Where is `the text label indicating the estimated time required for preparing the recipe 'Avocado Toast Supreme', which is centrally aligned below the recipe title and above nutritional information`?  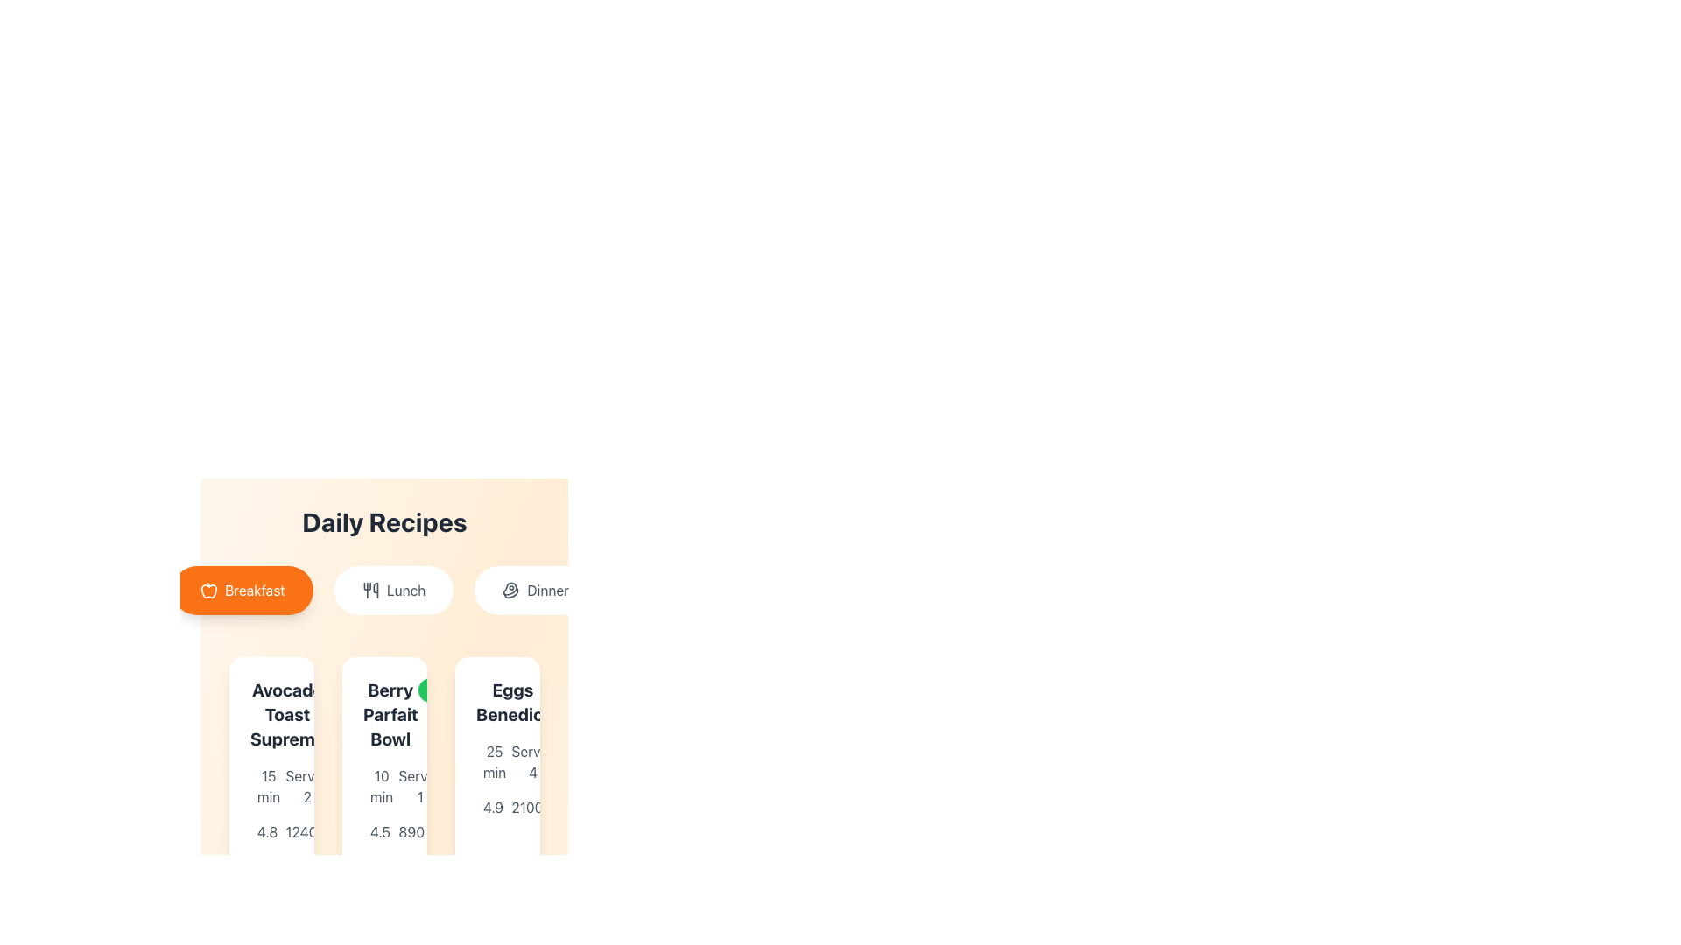 the text label indicating the estimated time required for preparing the recipe 'Avocado Toast Supreme', which is centrally aligned below the recipe title and above nutritional information is located at coordinates (268, 785).